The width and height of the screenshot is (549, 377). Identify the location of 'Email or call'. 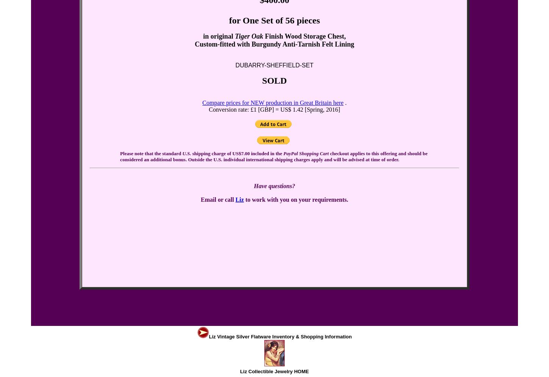
(218, 199).